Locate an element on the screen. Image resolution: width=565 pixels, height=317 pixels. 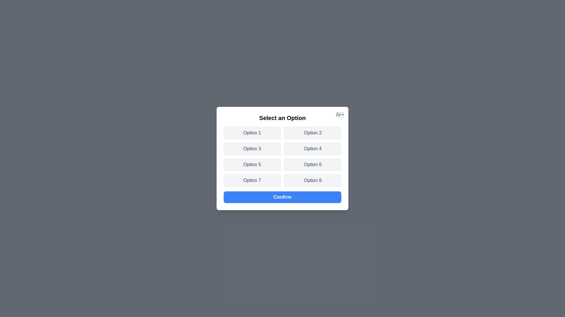
the close button to close the dialog is located at coordinates (340, 115).